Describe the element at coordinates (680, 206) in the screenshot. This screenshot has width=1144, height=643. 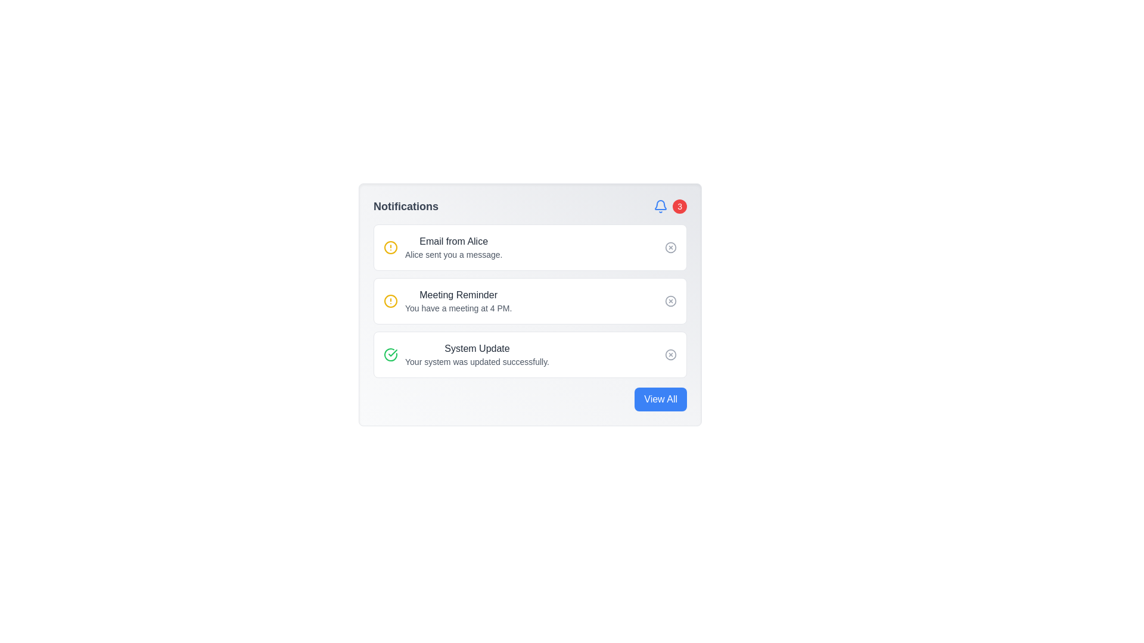
I see `the Notification Badge, which is a small circular badge with a red background and white text '3', located near the top right corner of the notification panel, to the right of a blue notification bell icon` at that location.